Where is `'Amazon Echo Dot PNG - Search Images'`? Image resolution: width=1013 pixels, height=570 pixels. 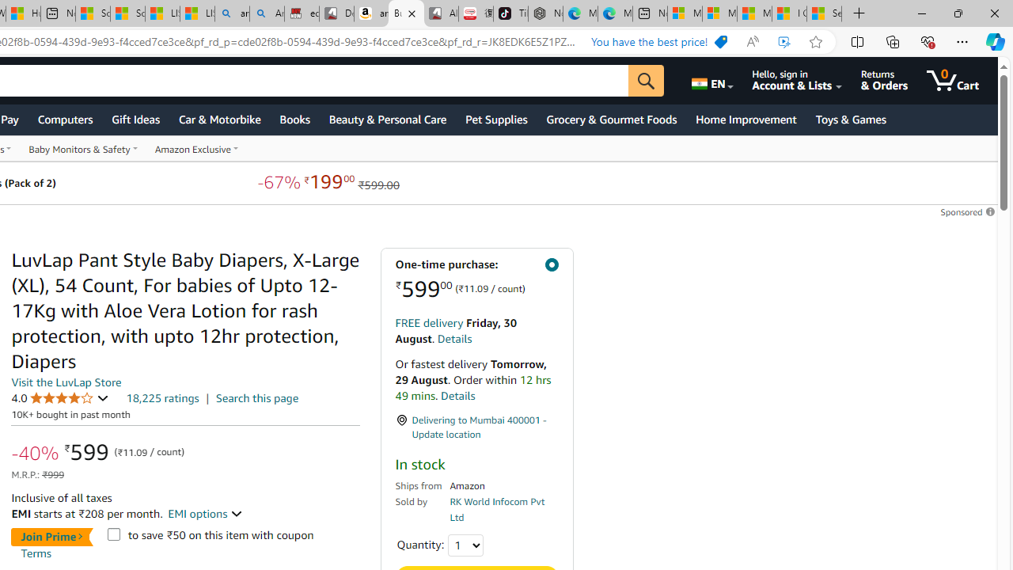
'Amazon Echo Dot PNG - Search Images' is located at coordinates (267, 13).